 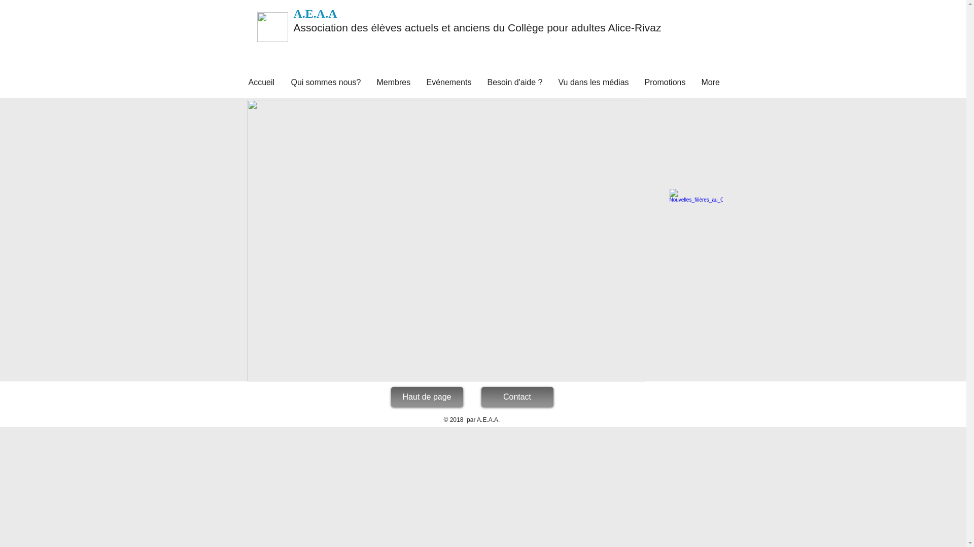 I want to click on 'Membres', so click(x=369, y=82).